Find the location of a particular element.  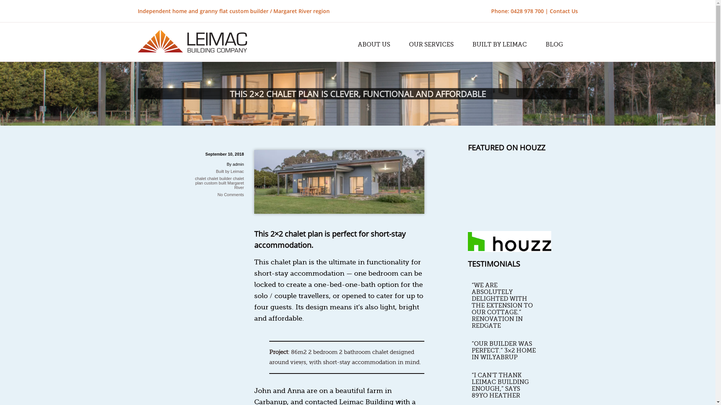

'No Comments' is located at coordinates (230, 194).